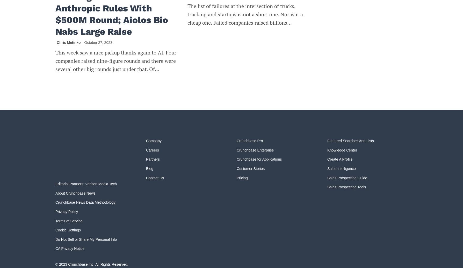 The height and width of the screenshot is (268, 463). I want to click on 'Chris Metinko', so click(68, 43).